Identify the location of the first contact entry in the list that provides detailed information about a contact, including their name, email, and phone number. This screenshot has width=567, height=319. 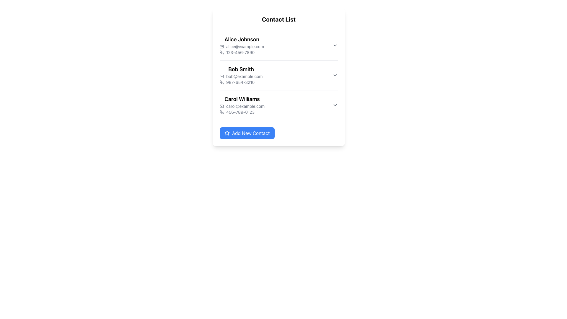
(278, 45).